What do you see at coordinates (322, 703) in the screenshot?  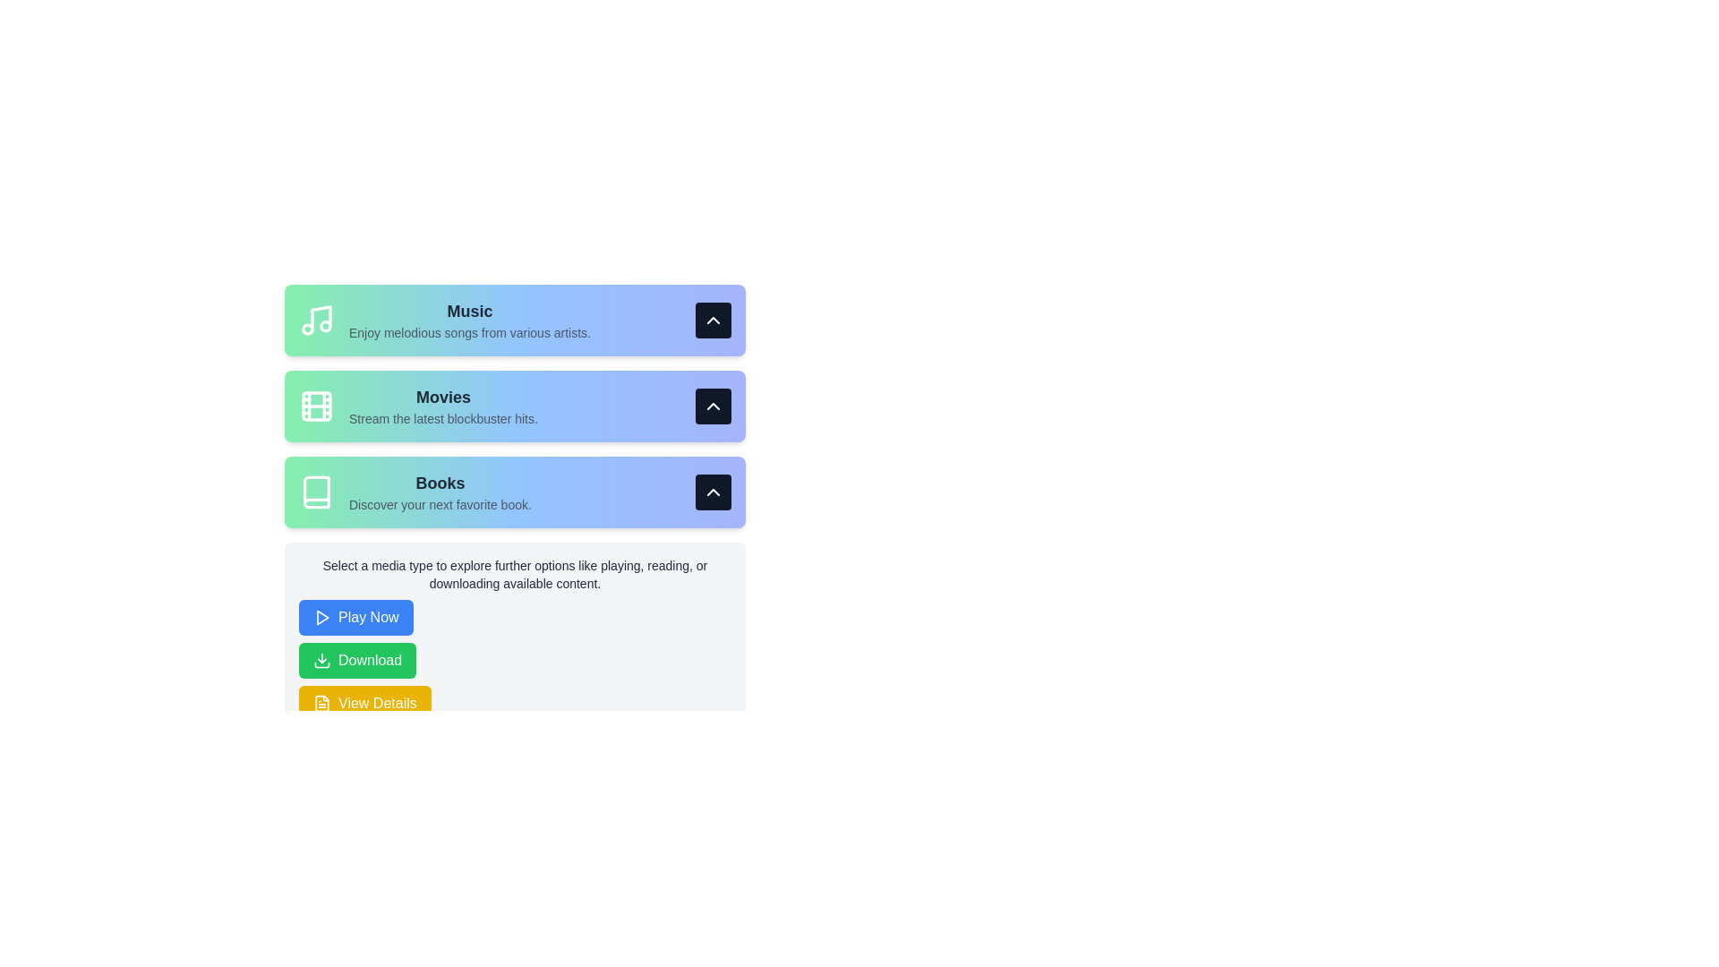 I see `the small document icon located to the left of the 'View Details' button, which resembles a file with lines symbolizing text` at bounding box center [322, 703].